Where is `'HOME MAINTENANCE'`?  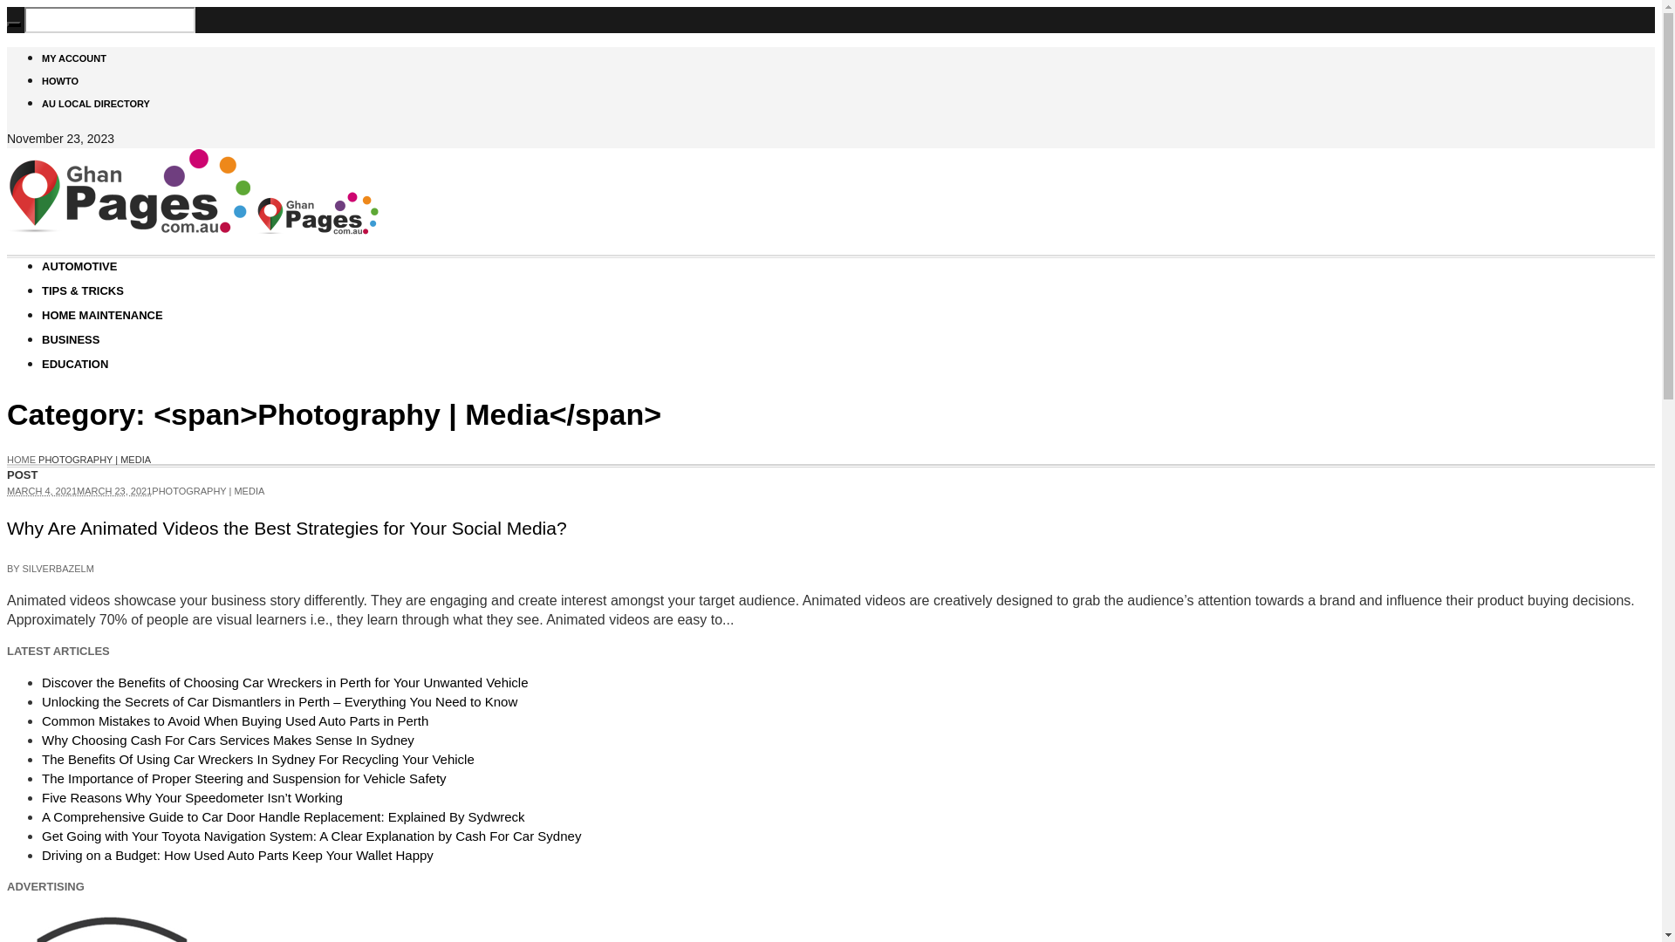
'HOME MAINTENANCE' is located at coordinates (101, 315).